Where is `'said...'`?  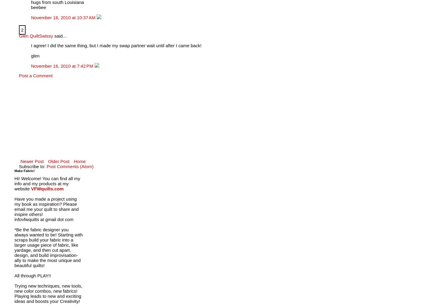
'said...' is located at coordinates (59, 35).